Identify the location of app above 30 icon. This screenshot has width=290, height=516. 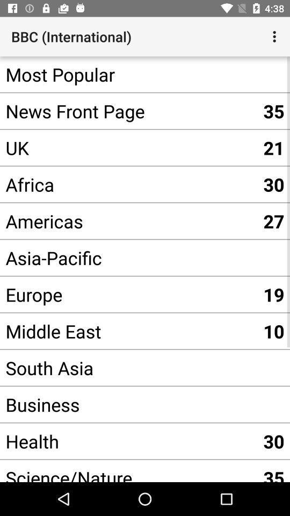
(128, 147).